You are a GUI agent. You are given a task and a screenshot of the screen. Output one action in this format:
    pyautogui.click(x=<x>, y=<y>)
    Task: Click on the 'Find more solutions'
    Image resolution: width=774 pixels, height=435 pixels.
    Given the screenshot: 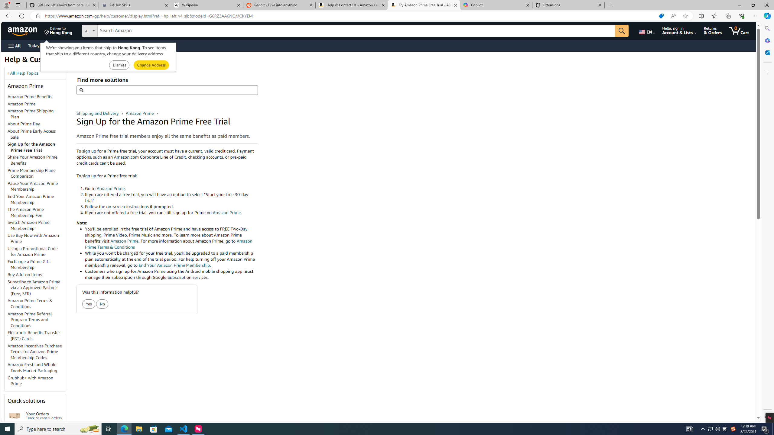 What is the action you would take?
    pyautogui.click(x=167, y=90)
    